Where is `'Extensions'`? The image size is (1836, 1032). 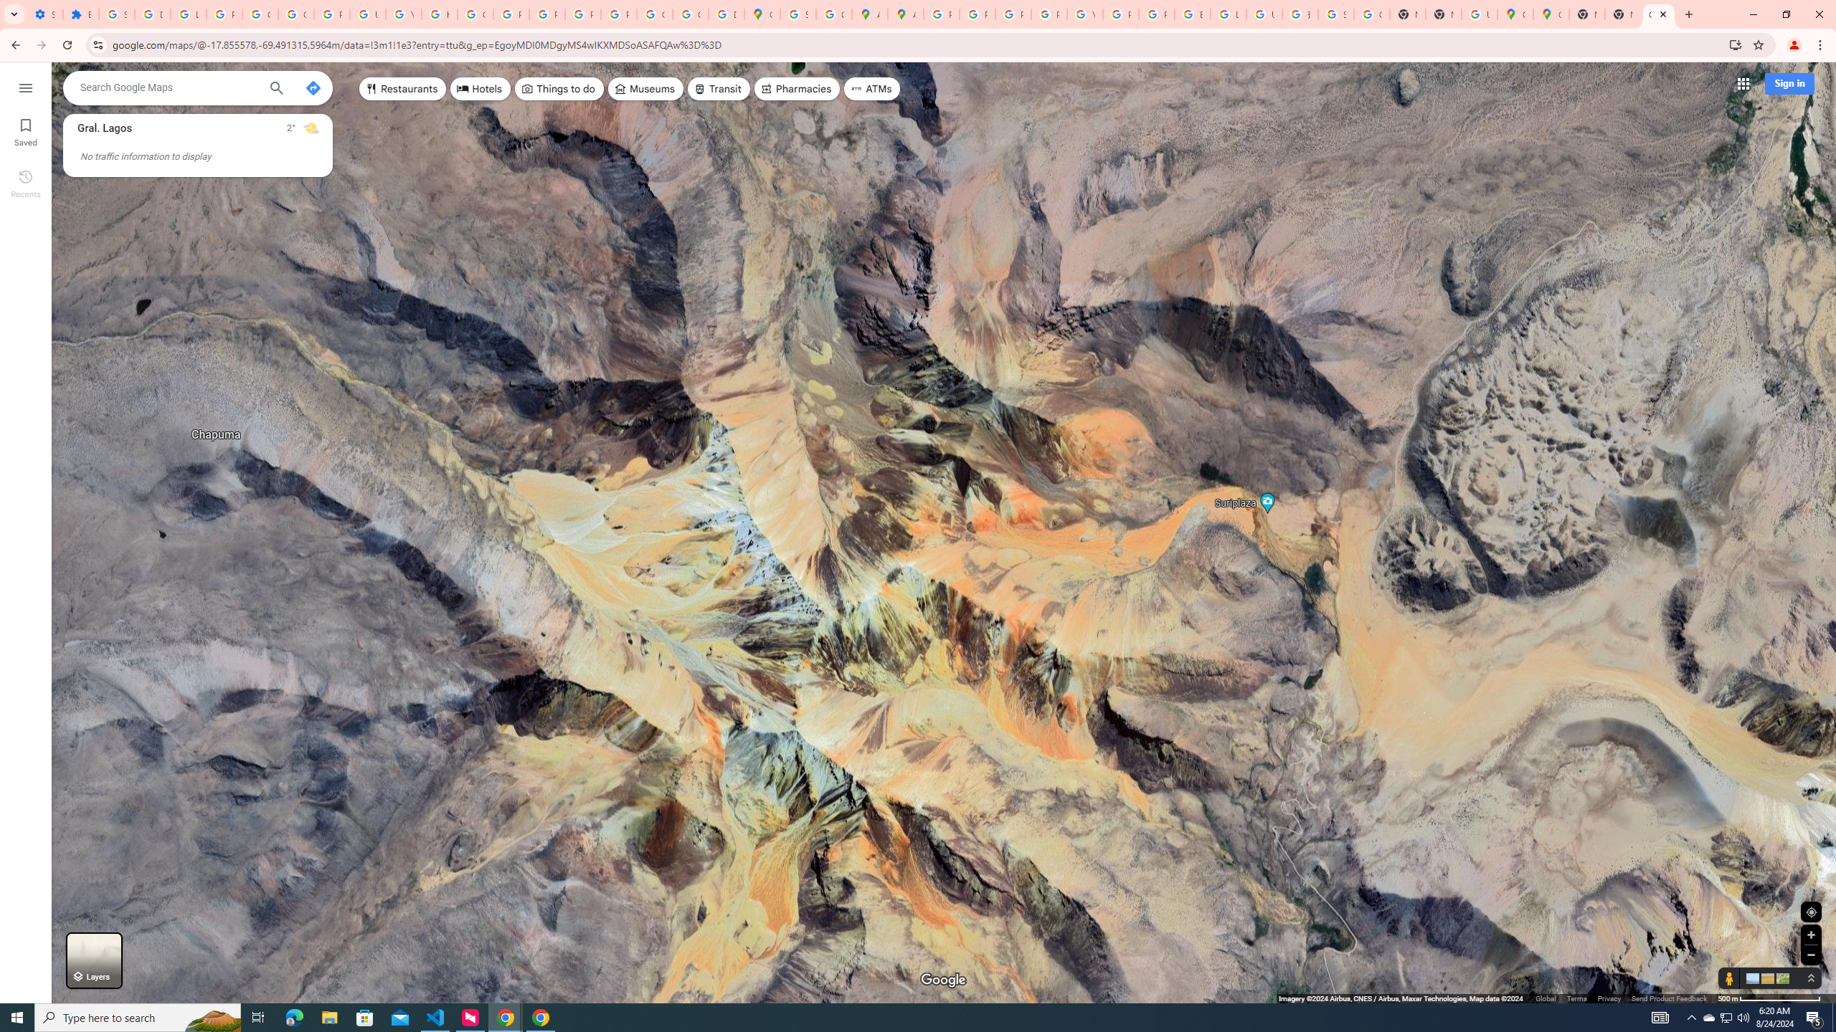 'Extensions' is located at coordinates (80, 14).